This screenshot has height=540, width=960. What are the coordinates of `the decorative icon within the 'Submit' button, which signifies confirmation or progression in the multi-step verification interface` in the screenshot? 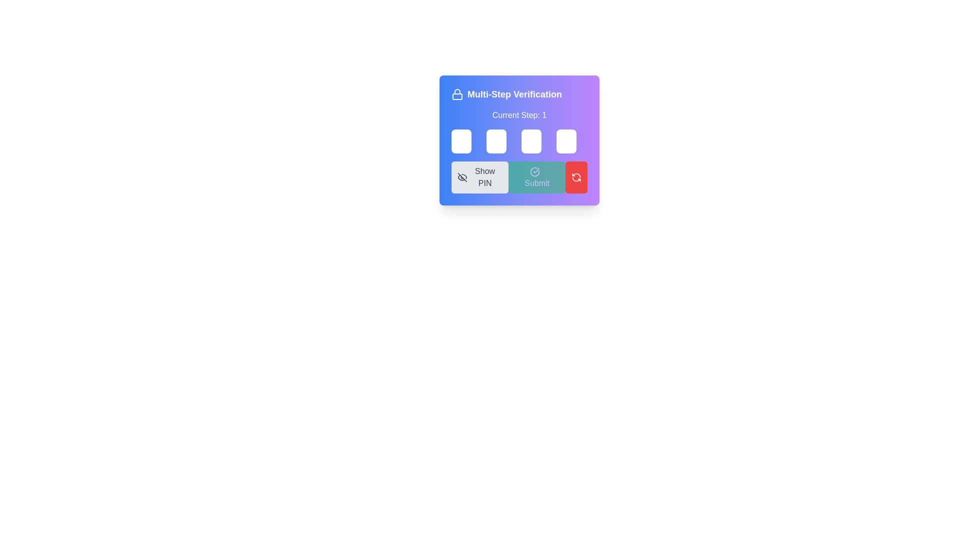 It's located at (534, 171).